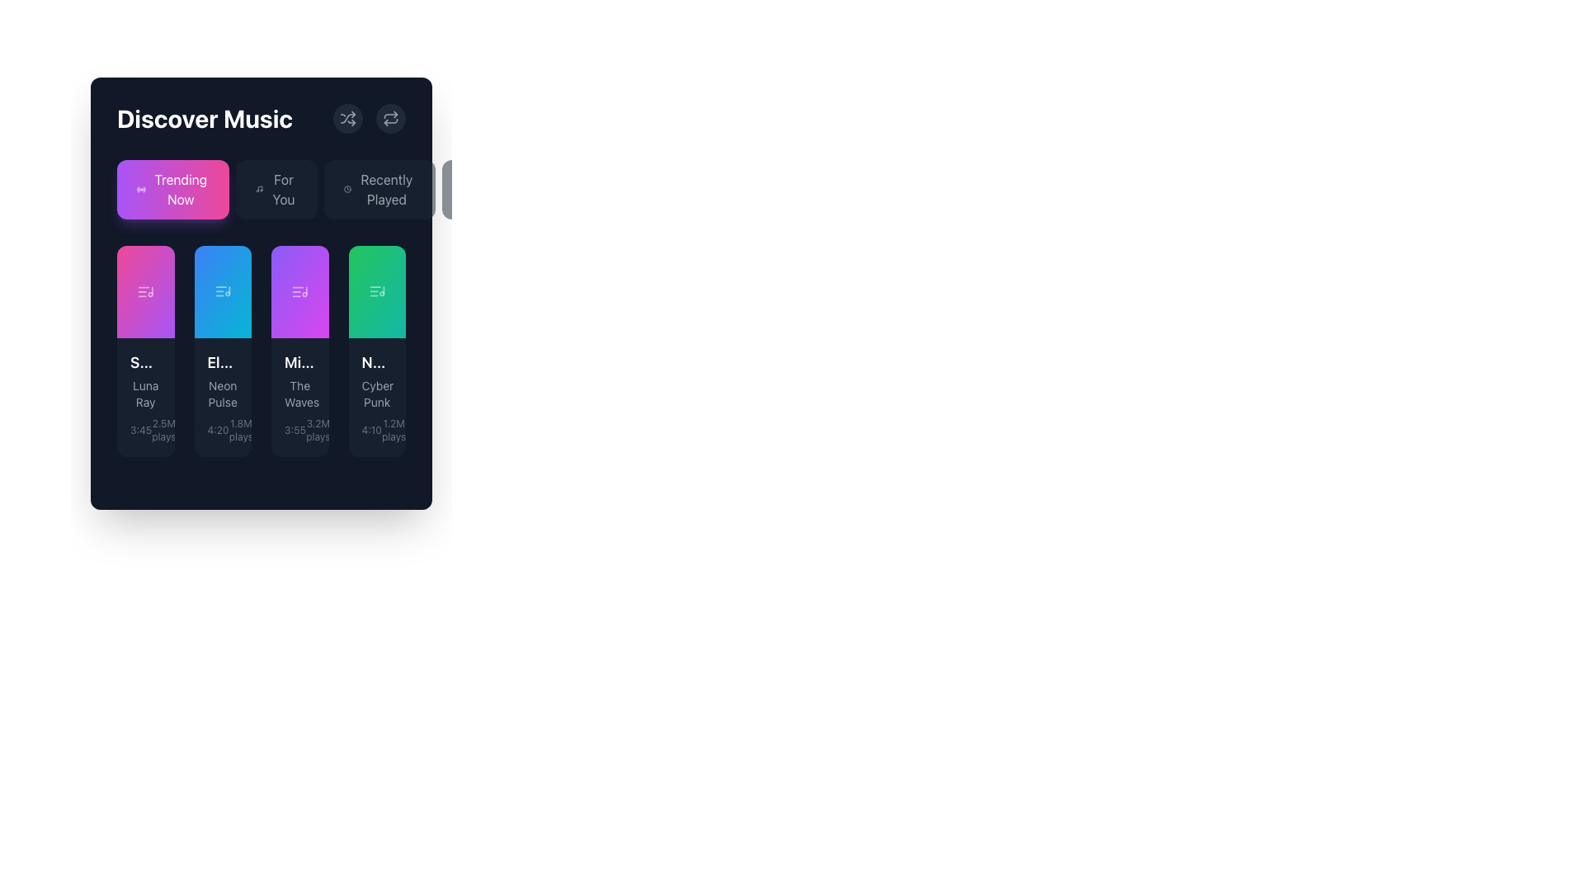  I want to click on the decorative music icon within the 'Electric Dreams' card in the 'Trending Now' section of the 'Discover Music' interface, so click(222, 291).